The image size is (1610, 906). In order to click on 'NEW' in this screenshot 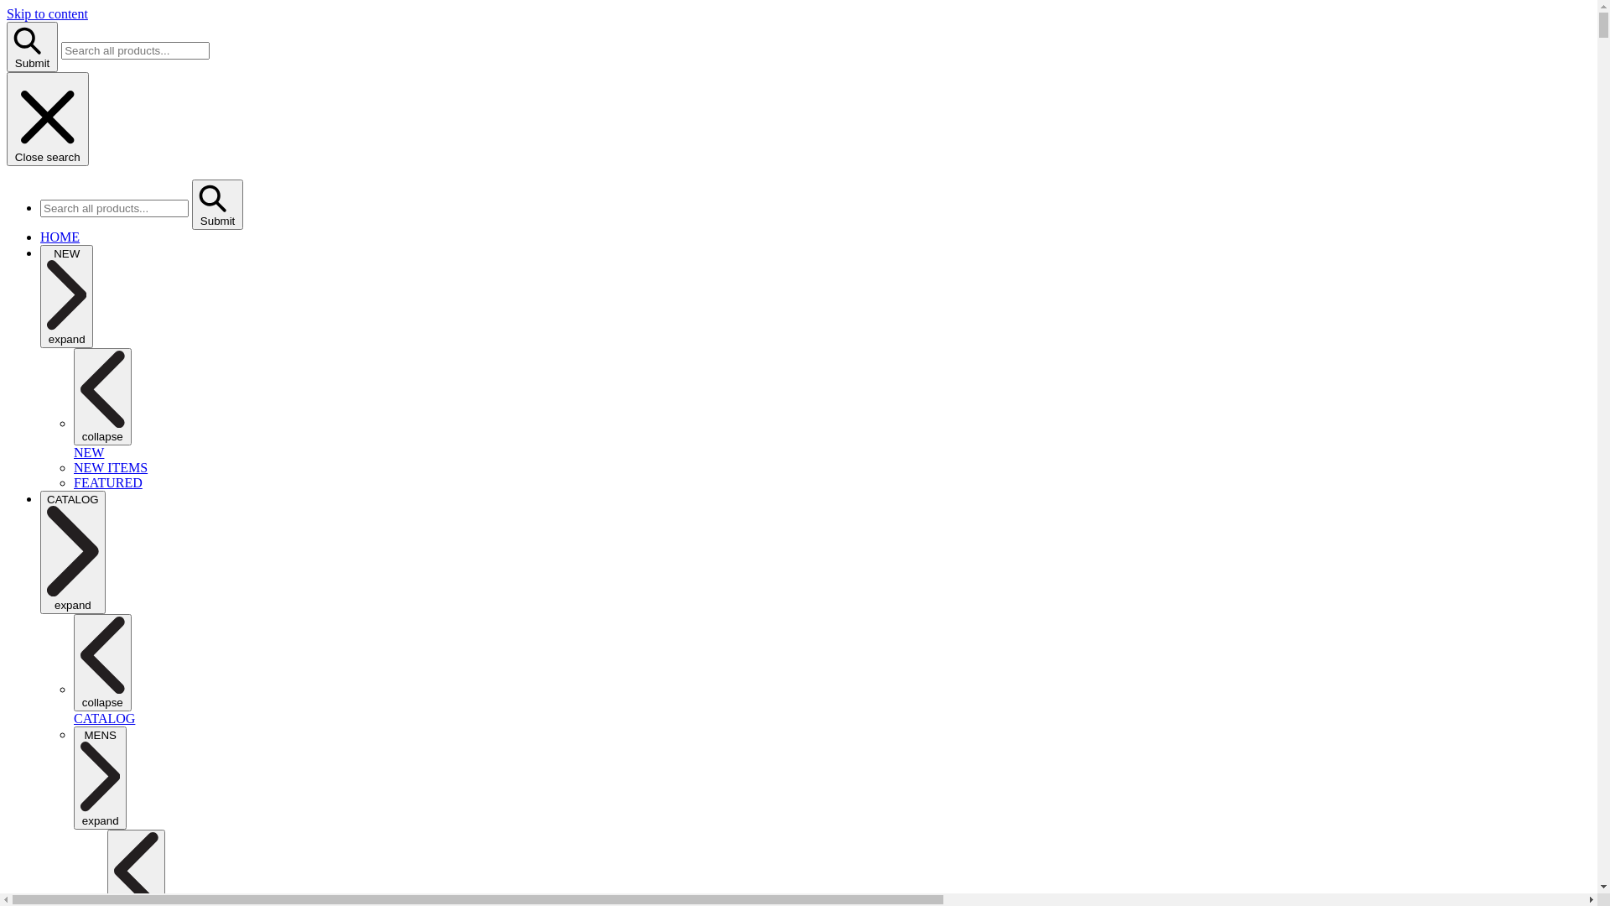, I will do `click(87, 451)`.